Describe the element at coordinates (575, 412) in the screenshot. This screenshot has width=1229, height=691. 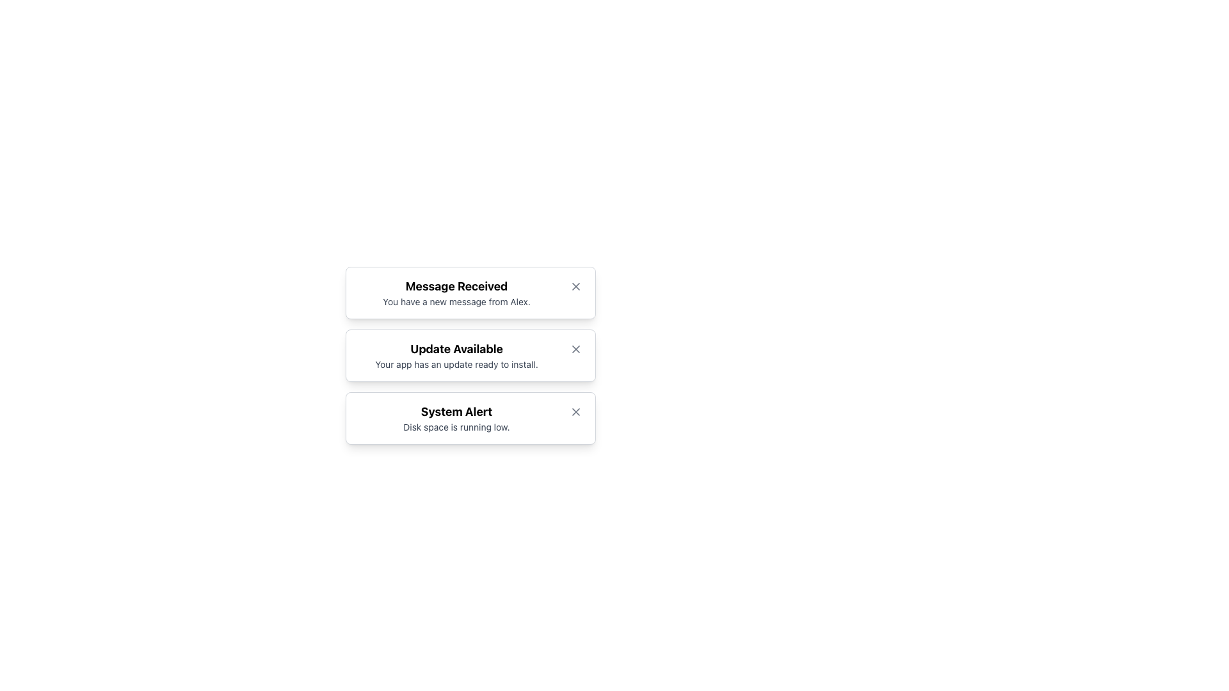
I see `the close button located in the top-right corner of the third notification card labeled 'System Alert' to interact` at that location.